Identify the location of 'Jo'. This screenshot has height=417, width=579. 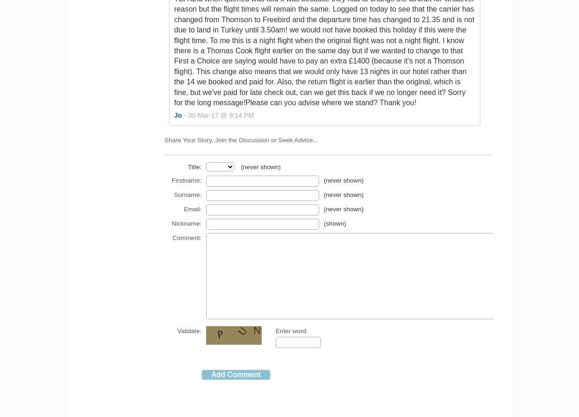
(177, 115).